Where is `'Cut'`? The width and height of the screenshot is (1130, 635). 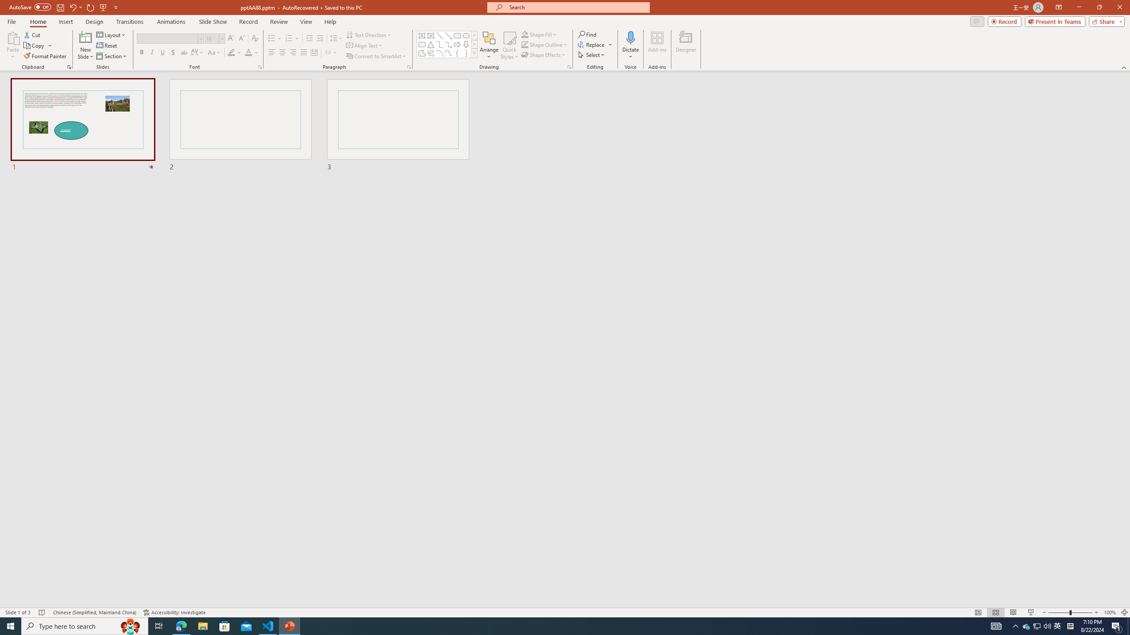 'Cut' is located at coordinates (32, 34).